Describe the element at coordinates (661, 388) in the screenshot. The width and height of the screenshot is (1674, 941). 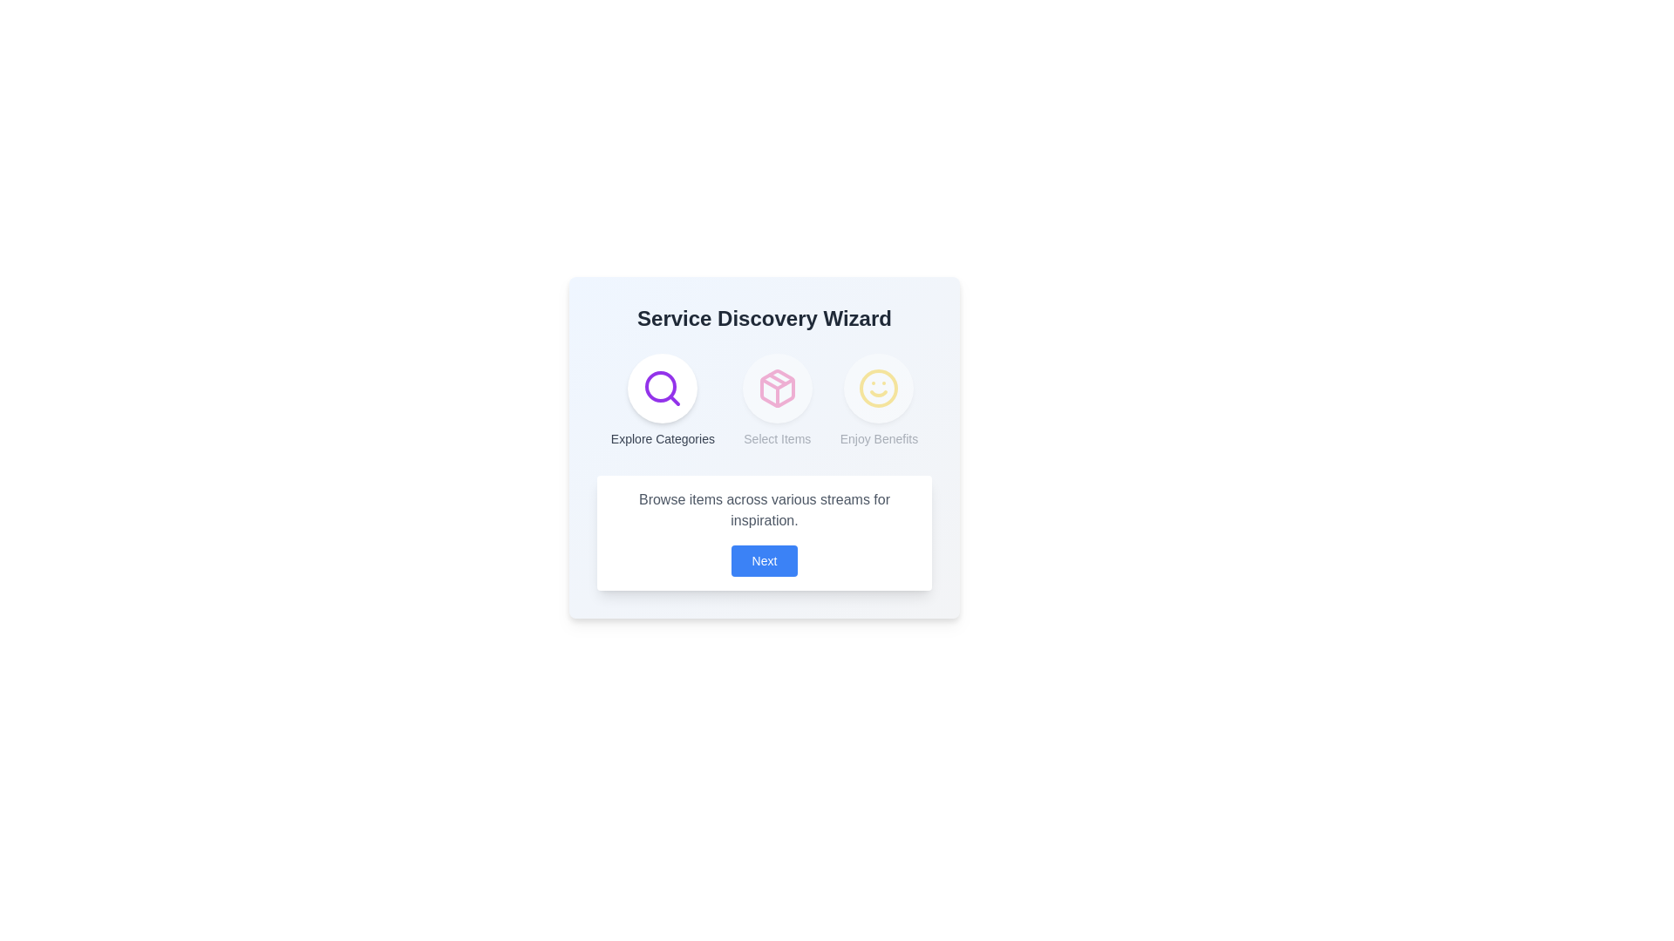
I see `the step icon for Explore Categories` at that location.